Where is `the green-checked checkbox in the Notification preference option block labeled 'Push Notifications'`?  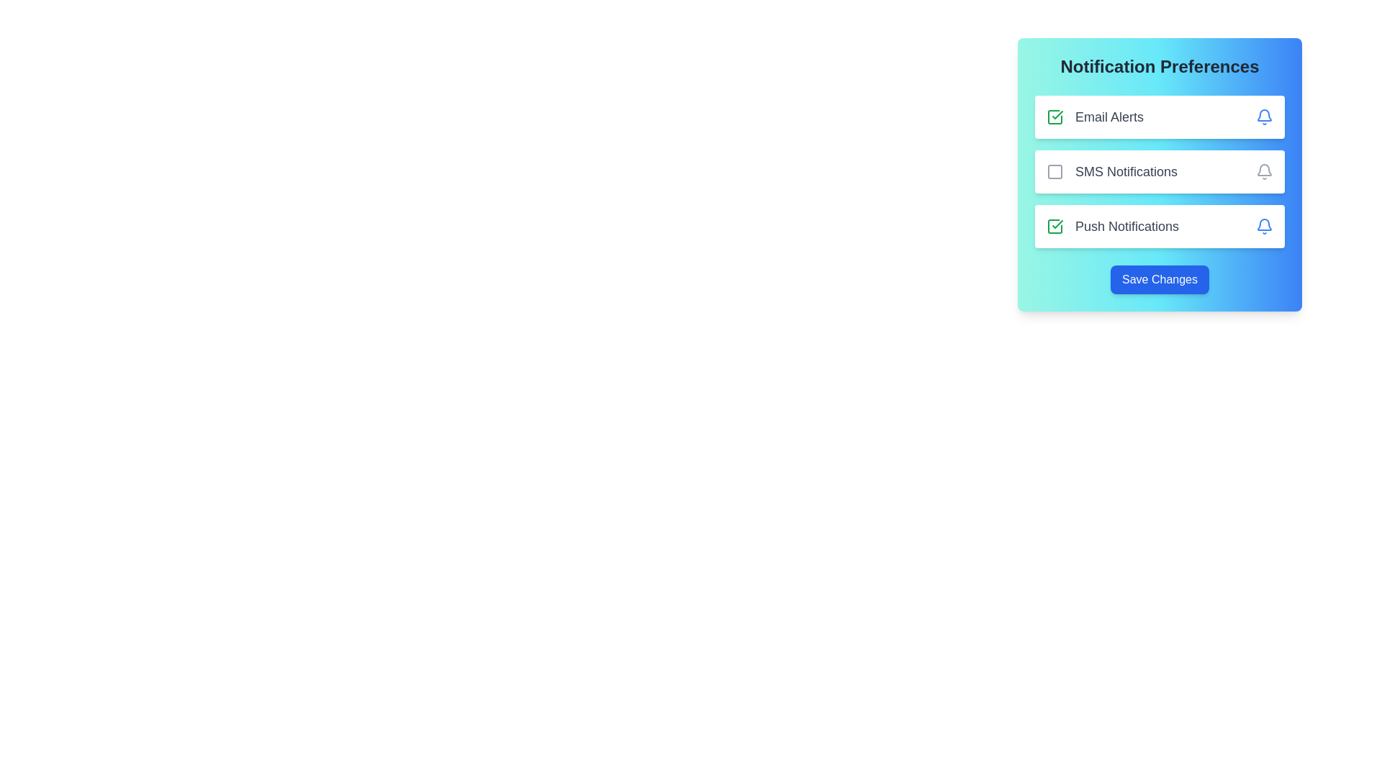
the green-checked checkbox in the Notification preference option block labeled 'Push Notifications' is located at coordinates (1160, 227).